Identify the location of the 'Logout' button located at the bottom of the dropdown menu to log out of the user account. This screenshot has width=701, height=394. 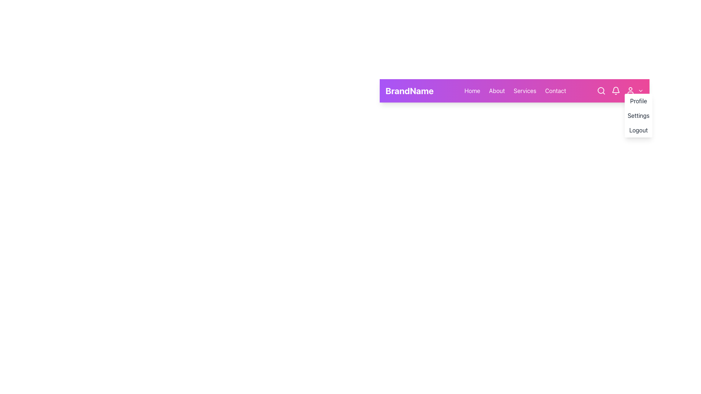
(638, 130).